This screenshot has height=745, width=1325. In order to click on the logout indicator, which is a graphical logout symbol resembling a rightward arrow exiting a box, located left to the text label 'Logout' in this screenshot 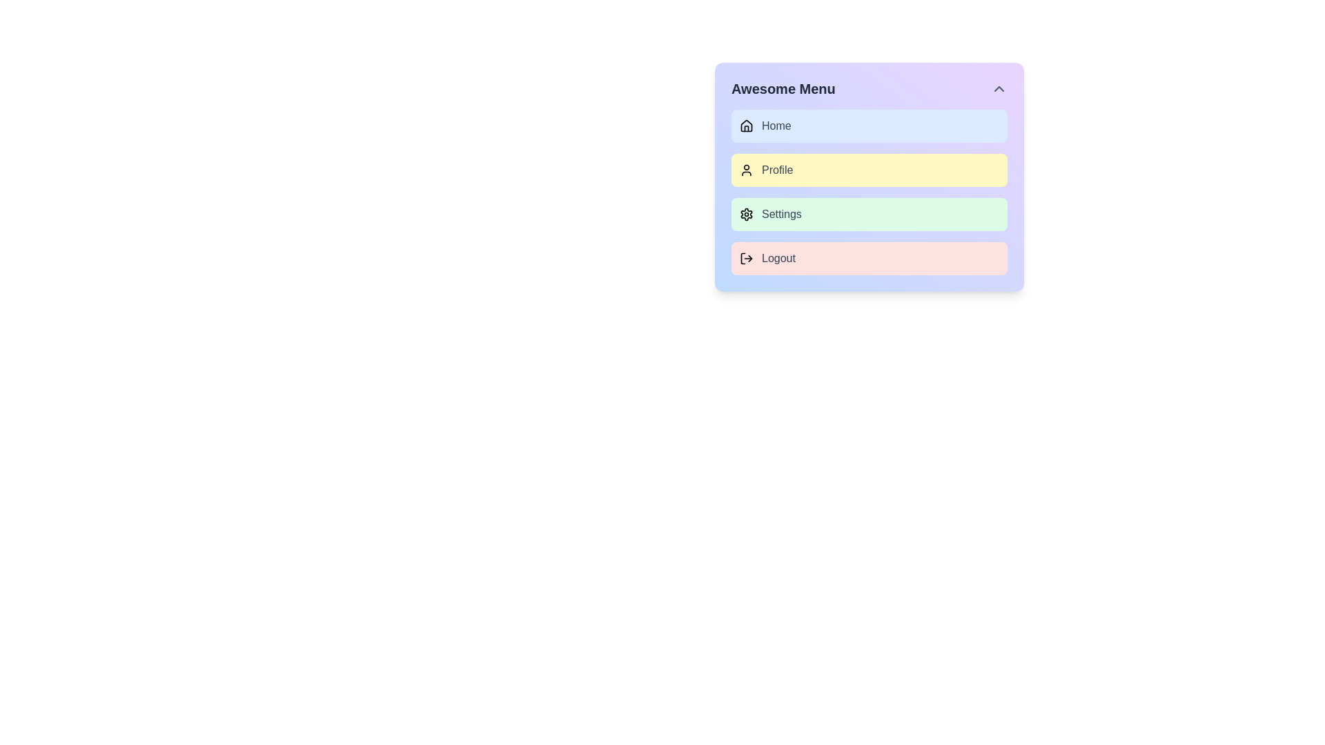, I will do `click(745, 258)`.